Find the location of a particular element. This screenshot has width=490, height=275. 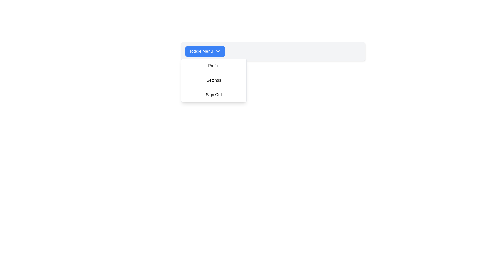

the 'Sign Out' button in the dropdown menu to trigger a visual change is located at coordinates (214, 95).